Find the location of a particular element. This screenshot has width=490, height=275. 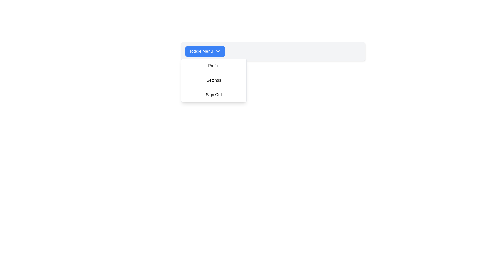

the 'Sign Out' button in the dropdown menu to trigger a visual change is located at coordinates (214, 95).